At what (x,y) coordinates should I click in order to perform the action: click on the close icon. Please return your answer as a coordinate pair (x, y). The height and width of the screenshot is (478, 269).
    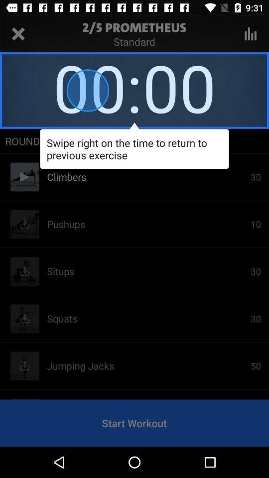
    Looking at the image, I should click on (18, 34).